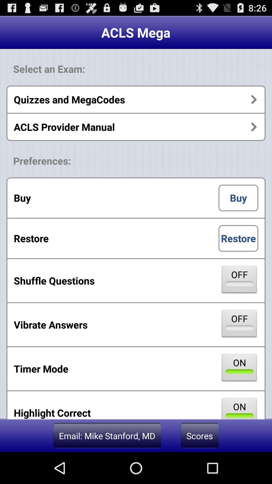  Describe the element at coordinates (199, 435) in the screenshot. I see `icon next to the email mike stanford icon` at that location.